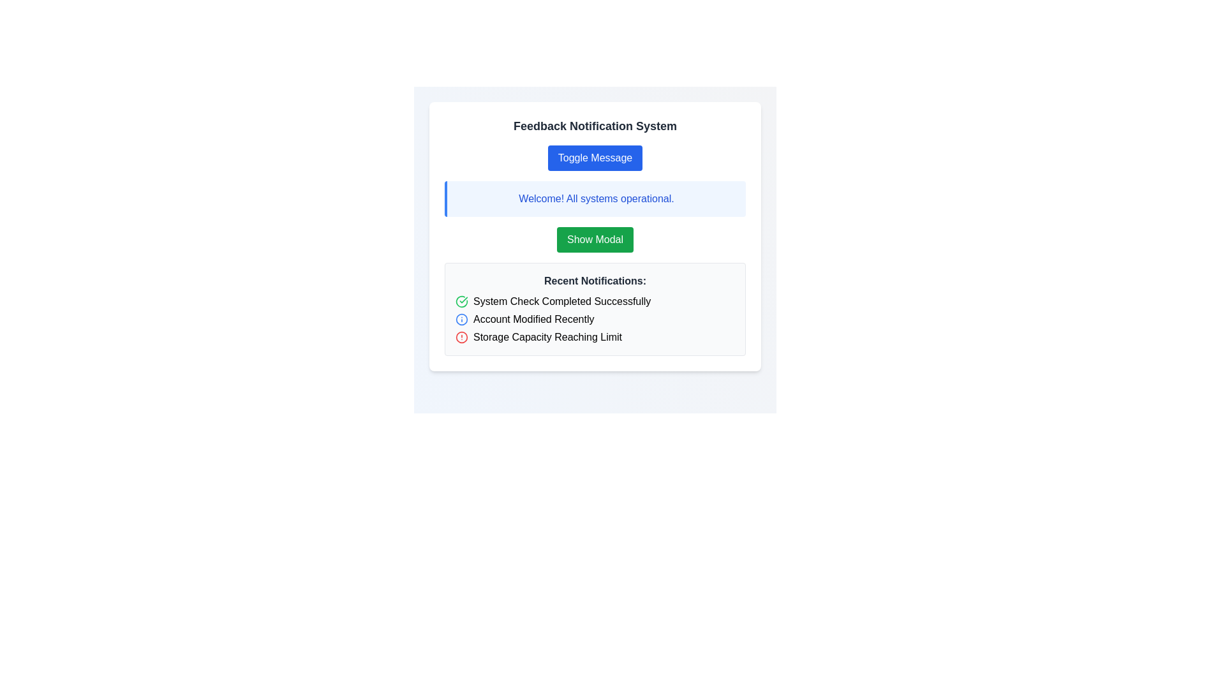 Image resolution: width=1225 pixels, height=689 pixels. I want to click on the icon indicating 'Account Modified Recently' located to the left of the text in the recent notifications list, so click(461, 319).